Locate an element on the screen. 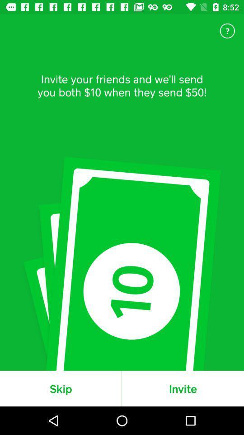 The image size is (244, 435). icon next to invite is located at coordinates (61, 388).